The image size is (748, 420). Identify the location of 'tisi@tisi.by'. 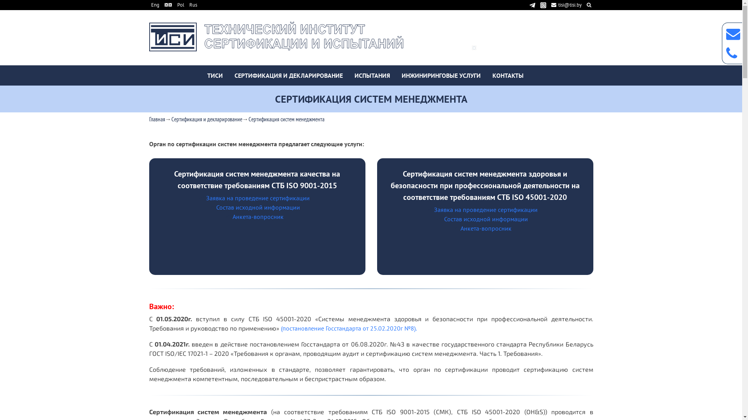
(566, 5).